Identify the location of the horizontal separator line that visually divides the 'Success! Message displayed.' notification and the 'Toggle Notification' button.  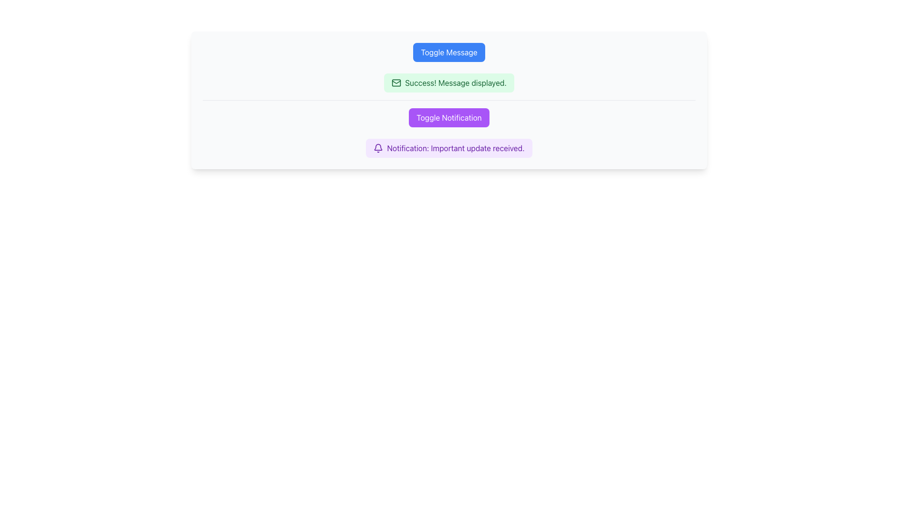
(448, 100).